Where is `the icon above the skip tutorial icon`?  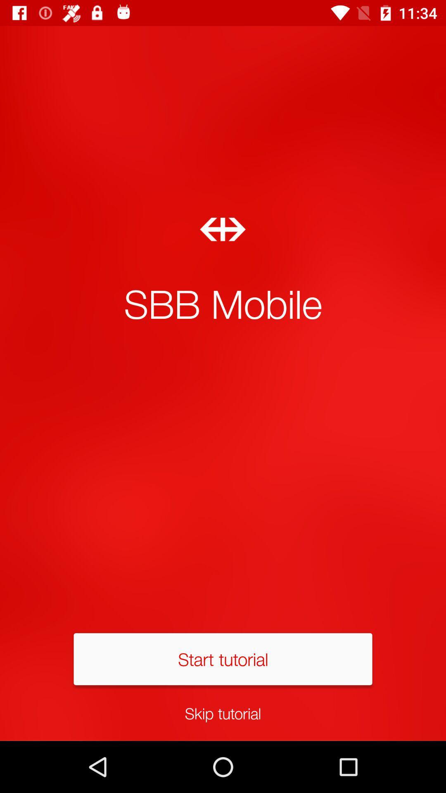
the icon above the skip tutorial icon is located at coordinates (223, 658).